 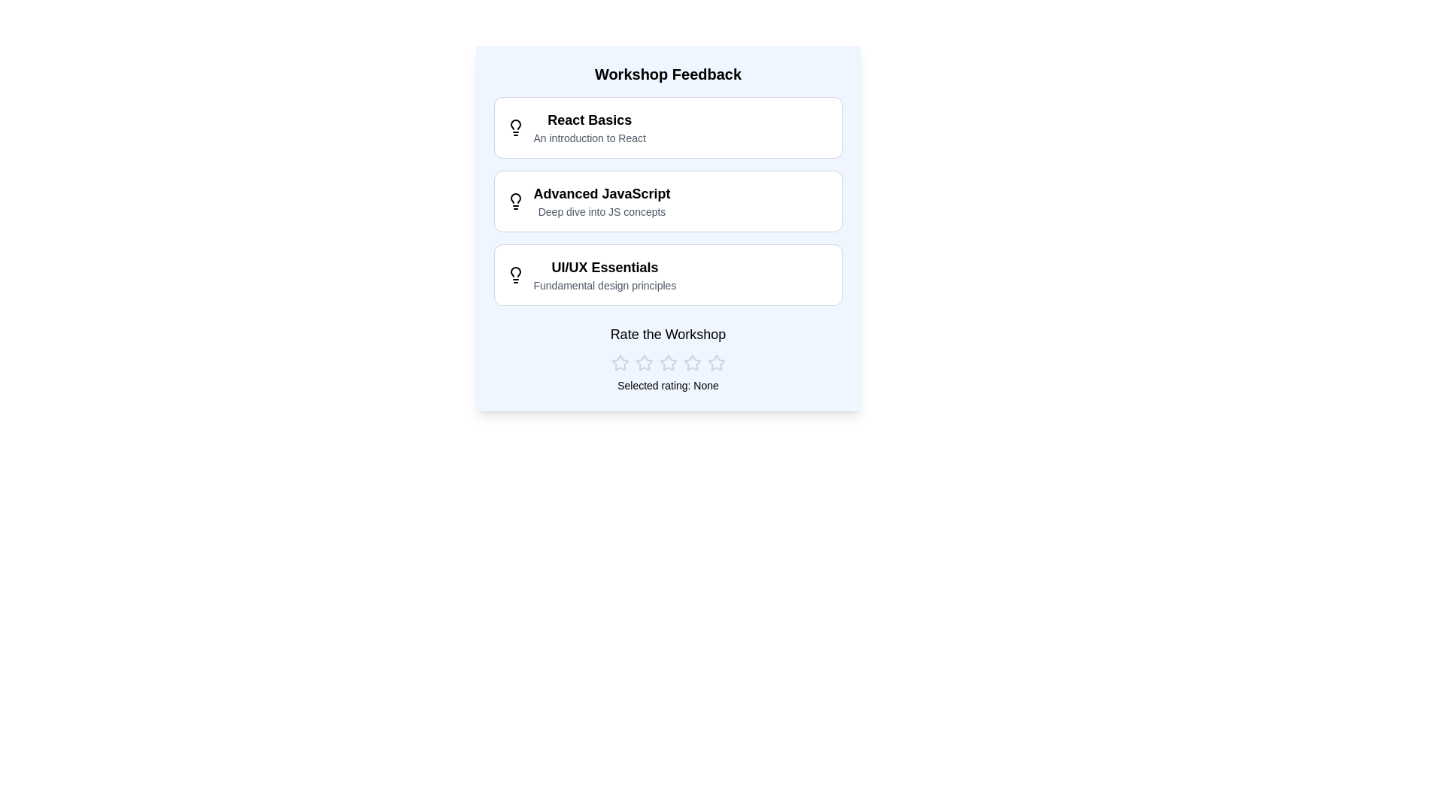 What do you see at coordinates (667, 200) in the screenshot?
I see `on the text label containing the title 'Advanced JavaScript' and subtitle 'Deep dive into JS concepts'` at bounding box center [667, 200].